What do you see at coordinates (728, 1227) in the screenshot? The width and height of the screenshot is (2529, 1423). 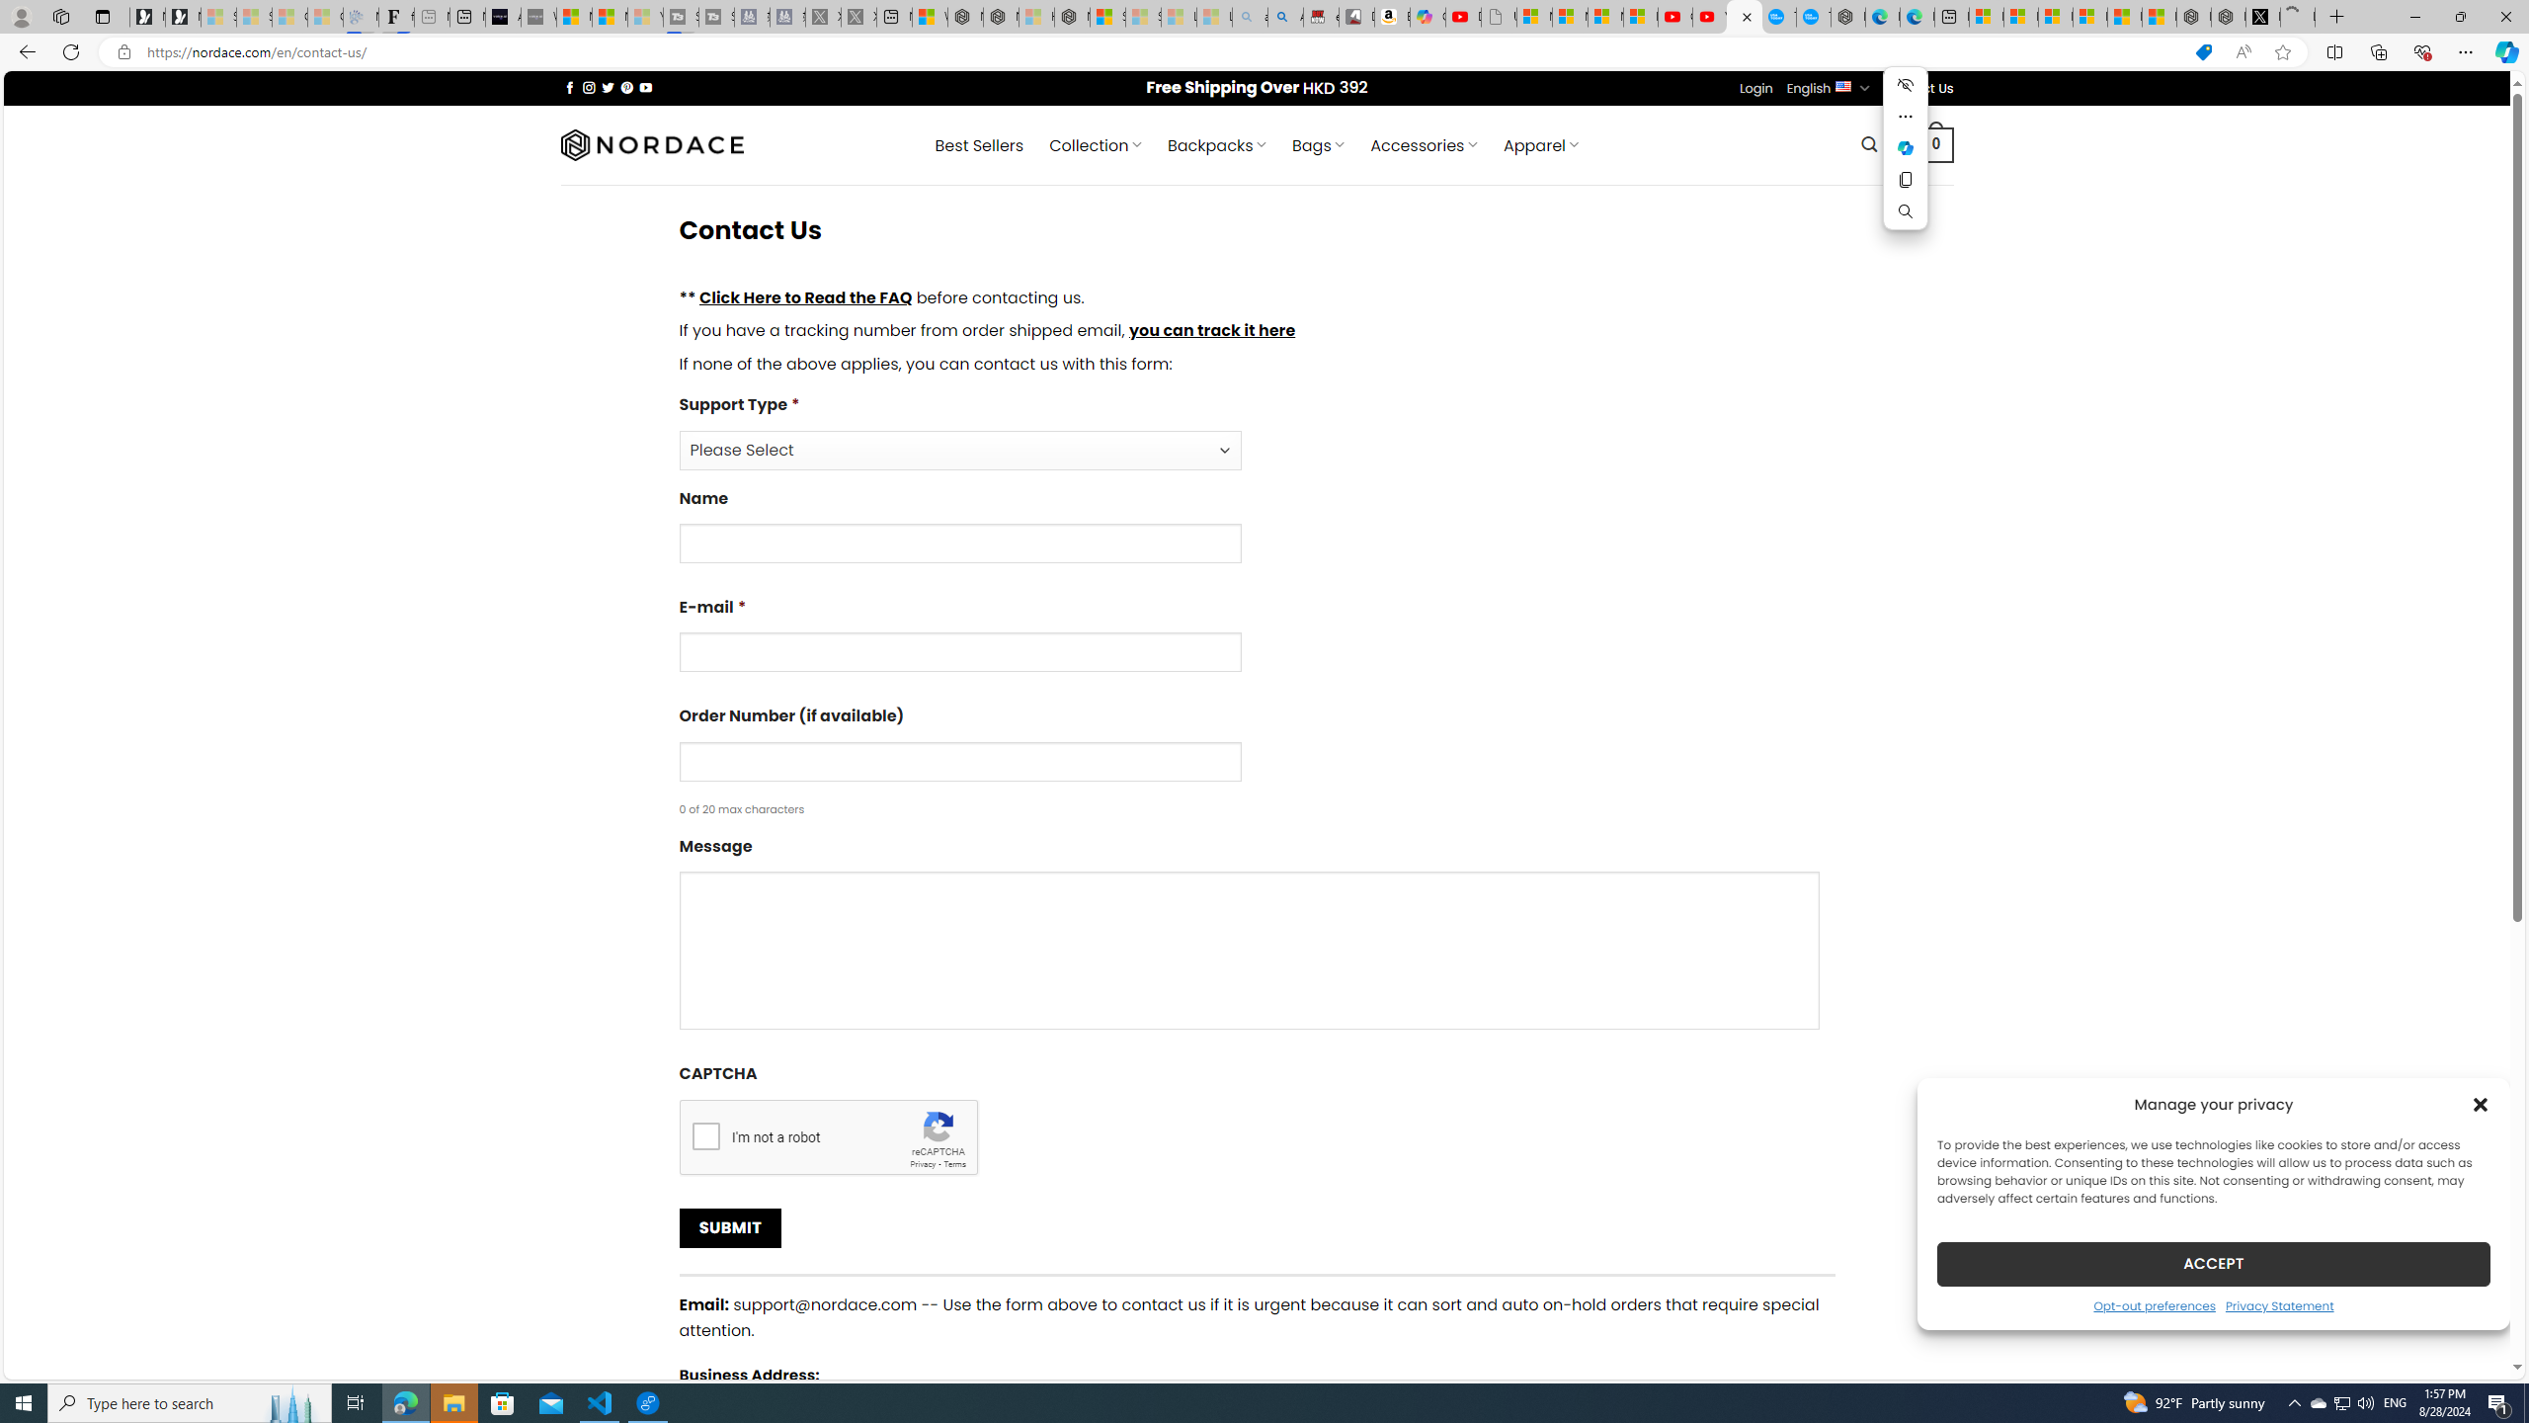 I see `'Submit'` at bounding box center [728, 1227].